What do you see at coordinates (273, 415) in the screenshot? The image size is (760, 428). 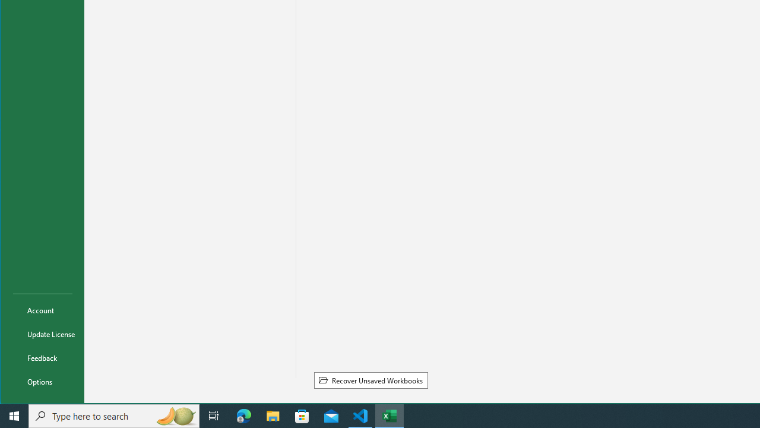 I see `'File Explorer'` at bounding box center [273, 415].